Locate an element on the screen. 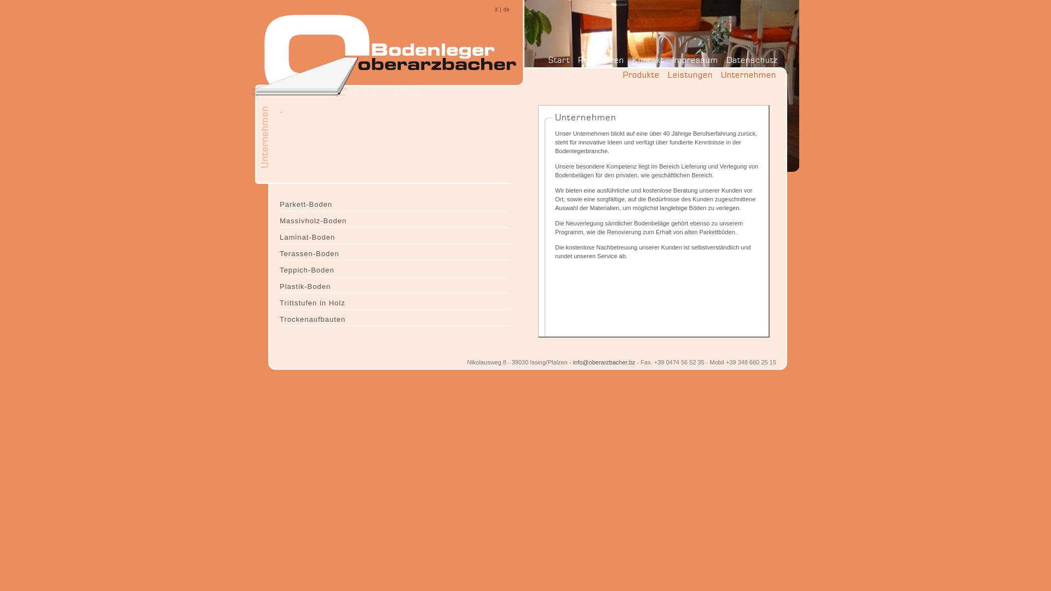  'info@oberarzbacher.bz' is located at coordinates (604, 362).